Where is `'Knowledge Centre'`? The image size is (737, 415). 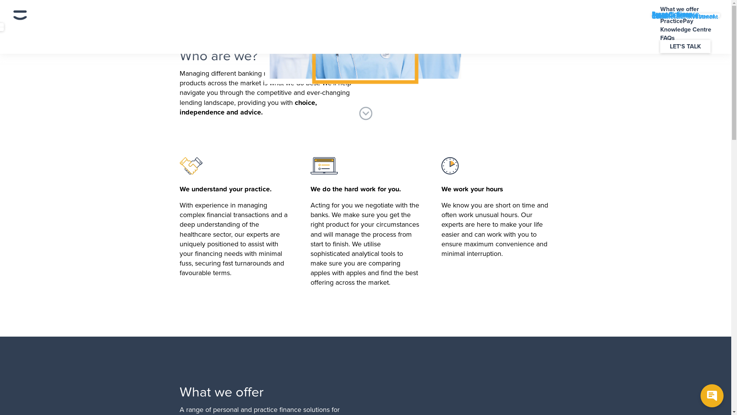
'Knowledge Centre' is located at coordinates (686, 29).